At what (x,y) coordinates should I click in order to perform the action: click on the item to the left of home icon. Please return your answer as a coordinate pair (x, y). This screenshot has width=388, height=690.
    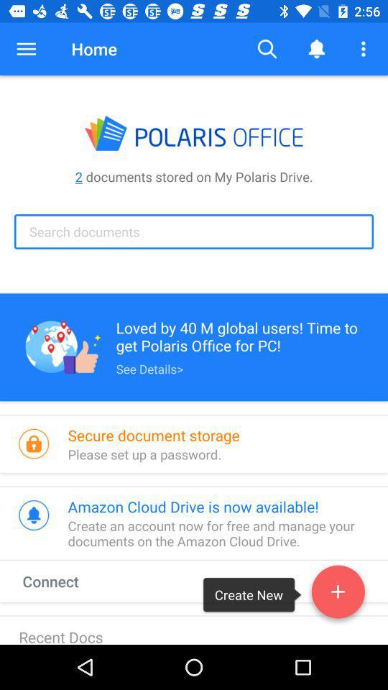
    Looking at the image, I should click on (26, 49).